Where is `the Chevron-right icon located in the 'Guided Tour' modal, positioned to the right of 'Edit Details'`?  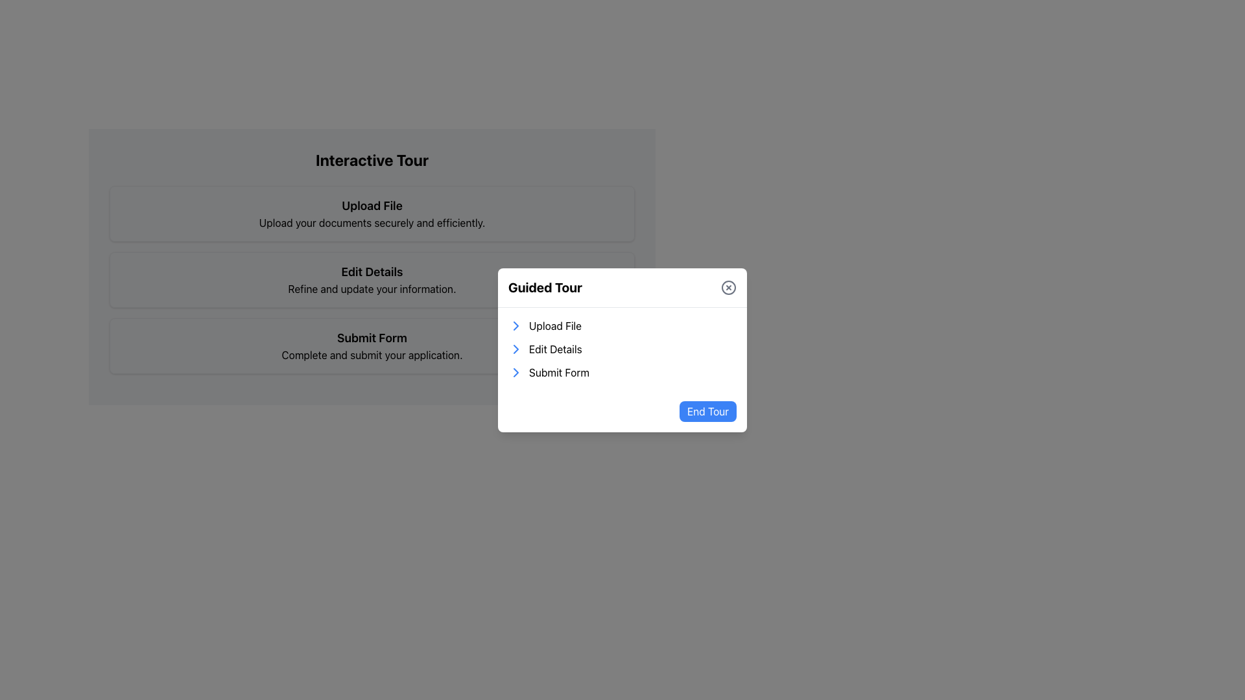
the Chevron-right icon located in the 'Guided Tour' modal, positioned to the right of 'Edit Details' is located at coordinates (516, 324).